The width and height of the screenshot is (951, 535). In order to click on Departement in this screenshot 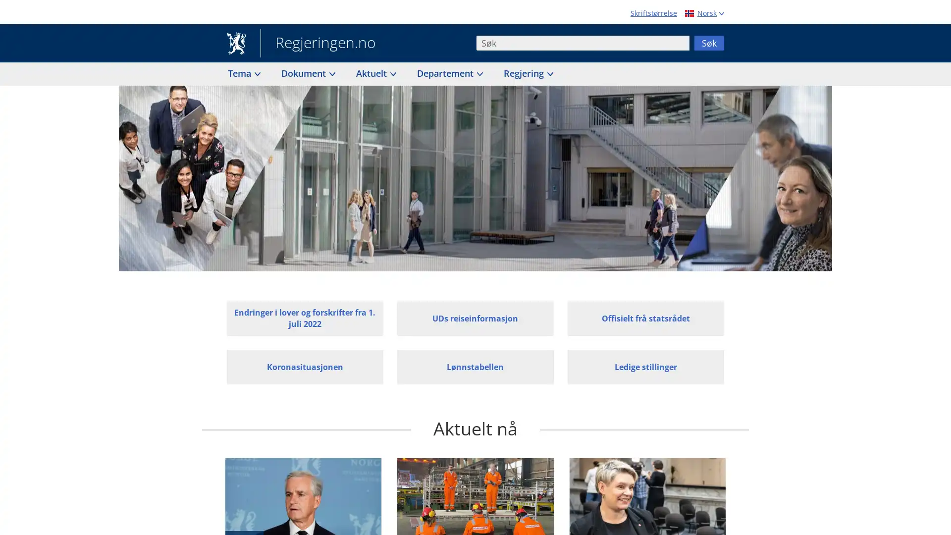, I will do `click(449, 73)`.